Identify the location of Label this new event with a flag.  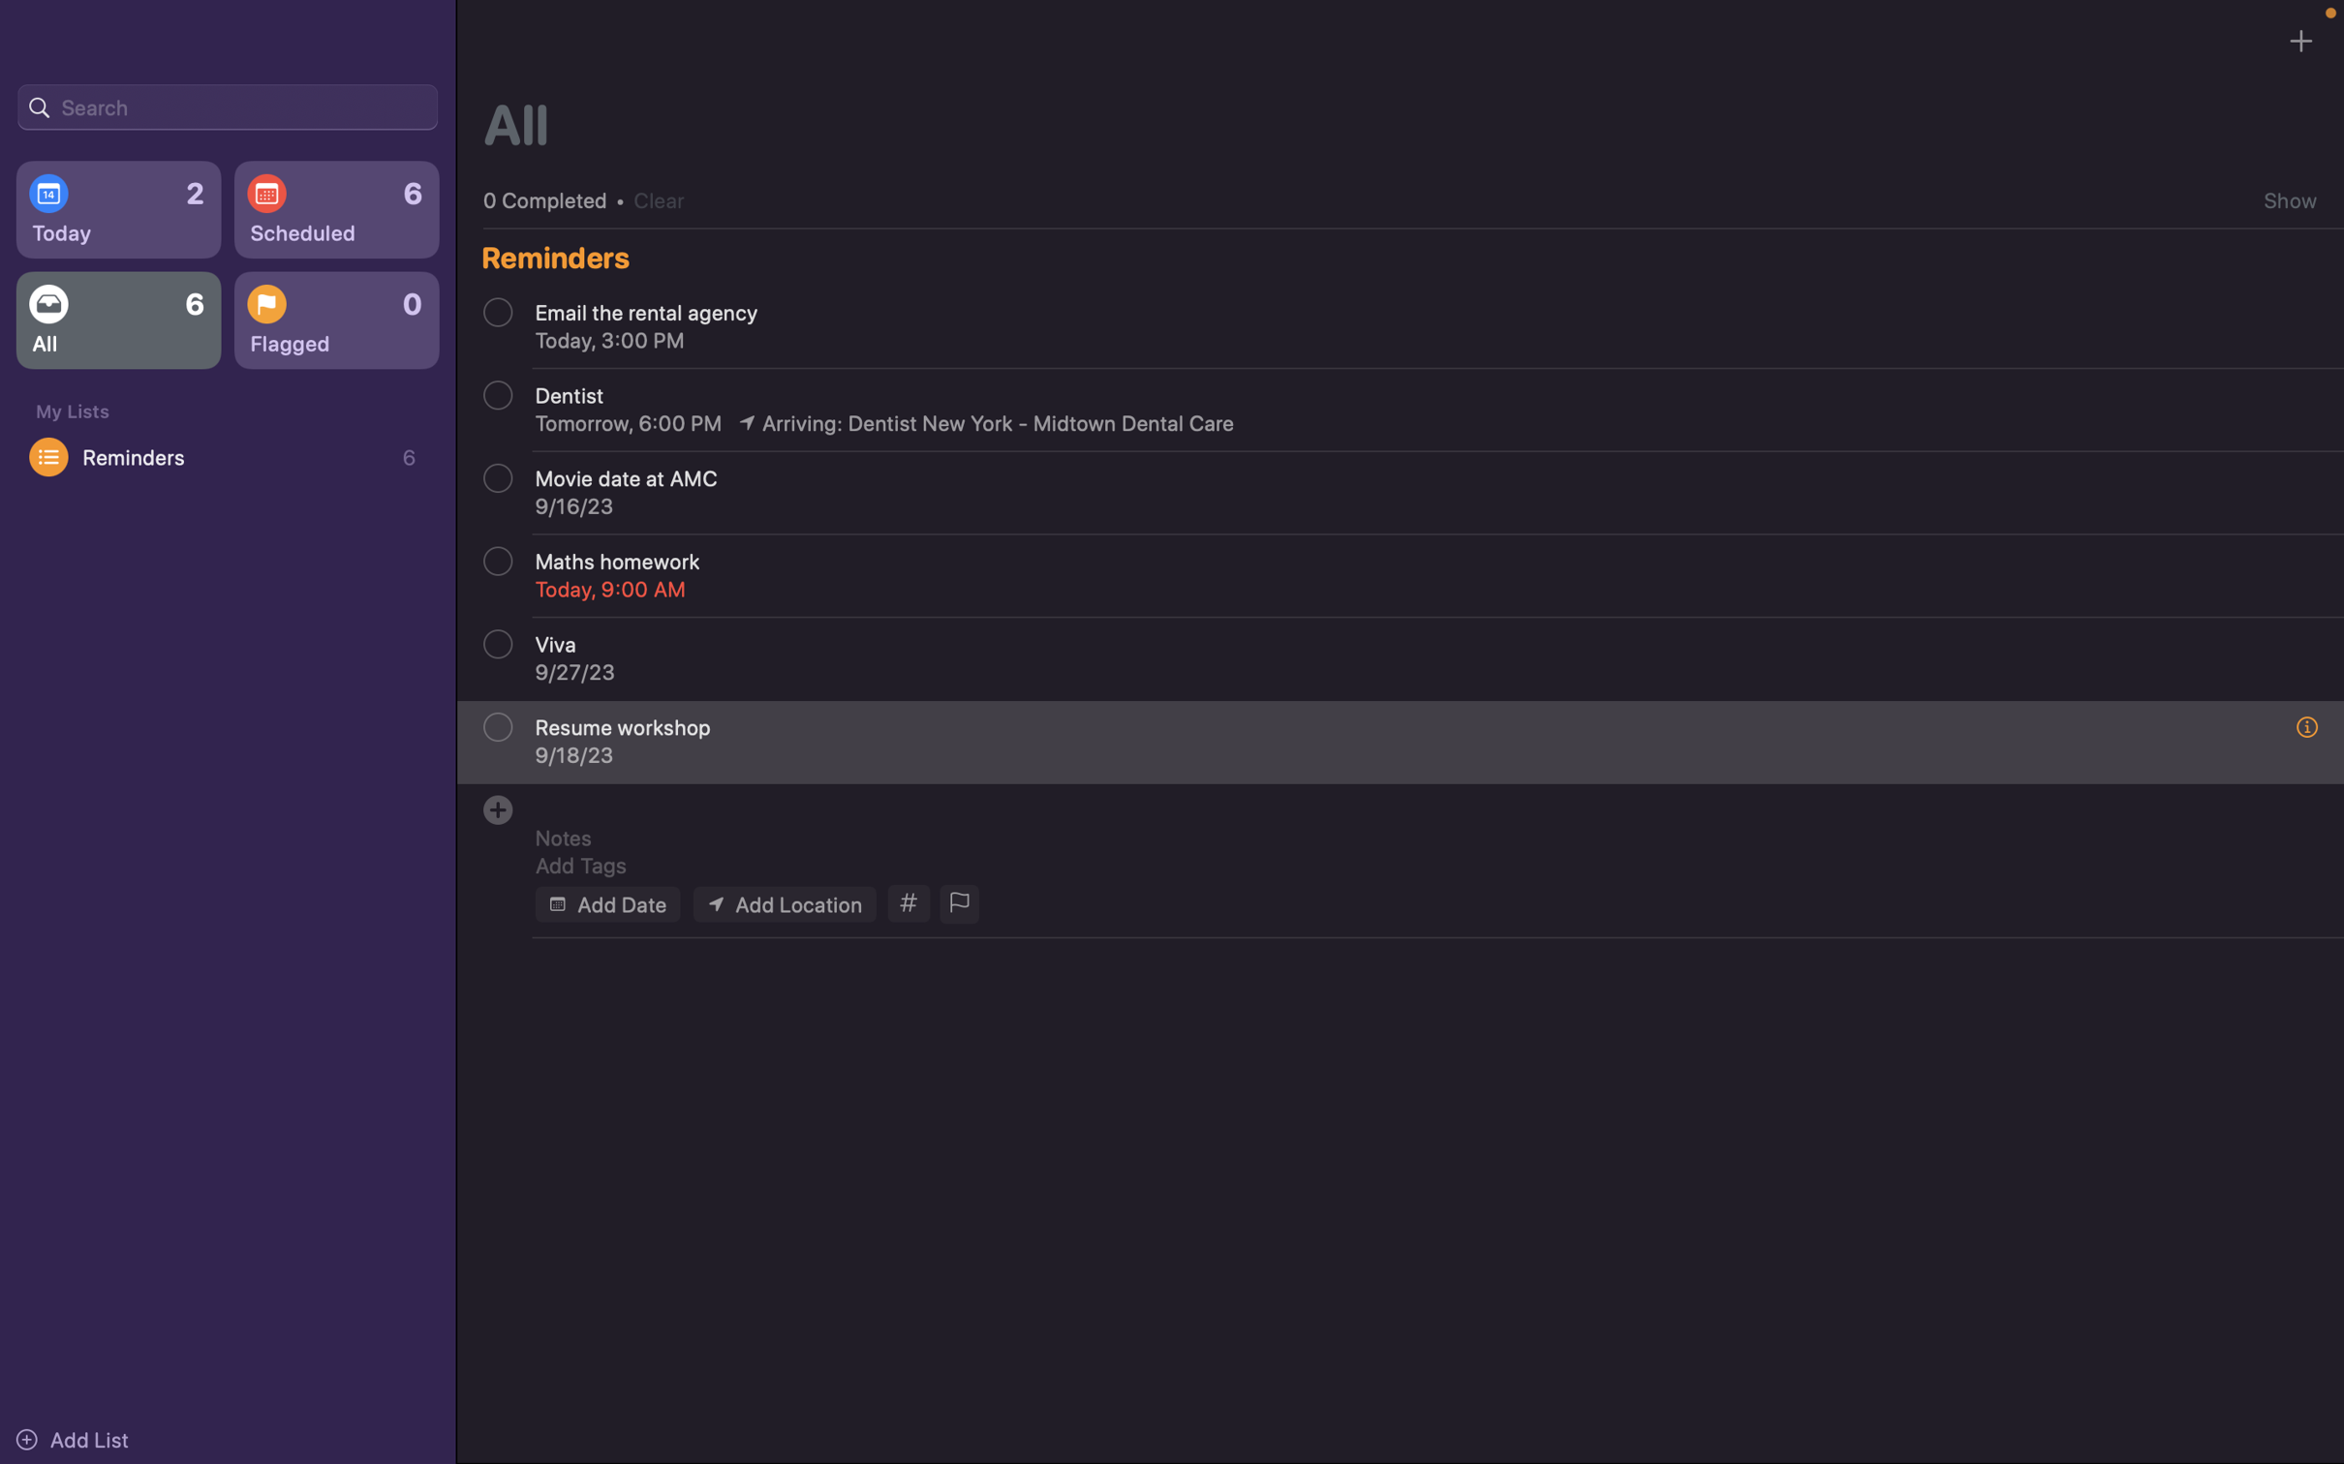
(957, 904).